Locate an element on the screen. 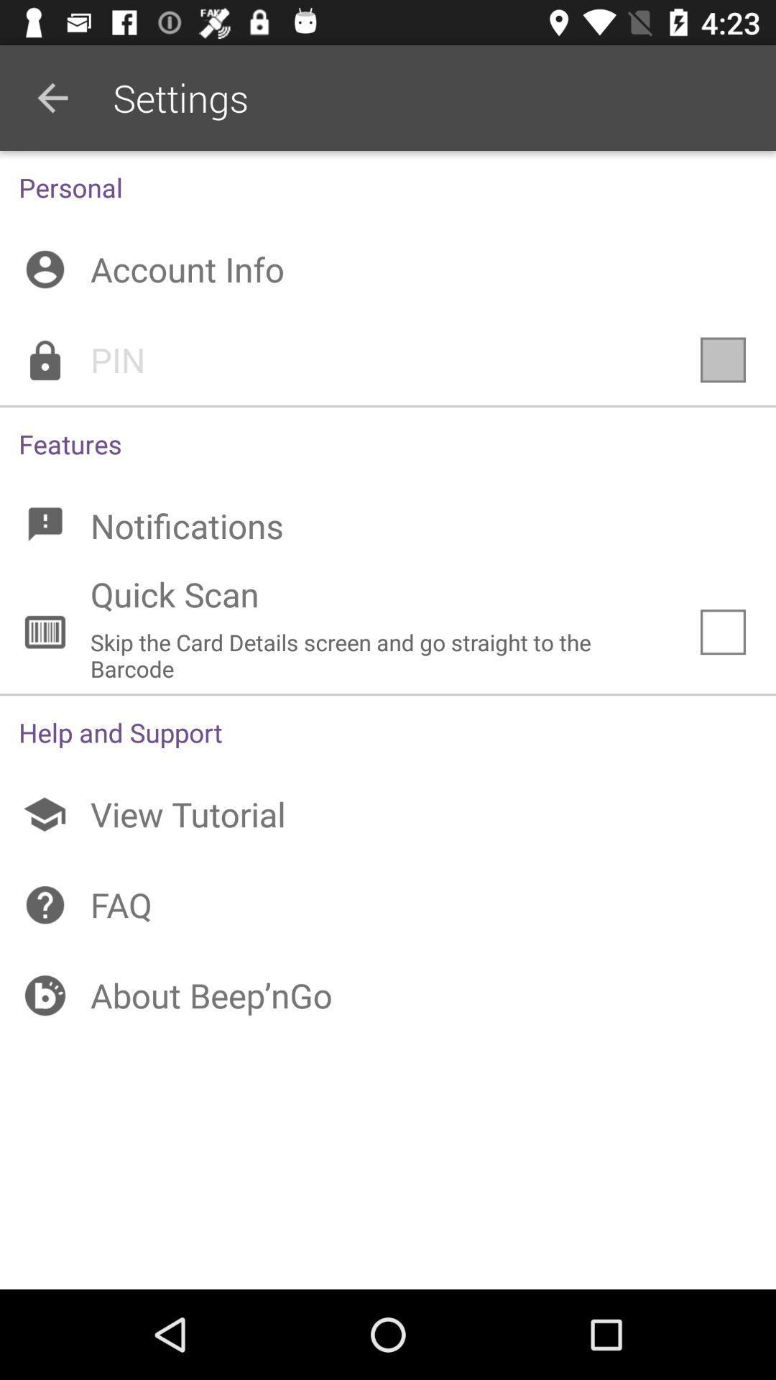 This screenshot has height=1380, width=776. the item below the faq icon is located at coordinates (388, 995).